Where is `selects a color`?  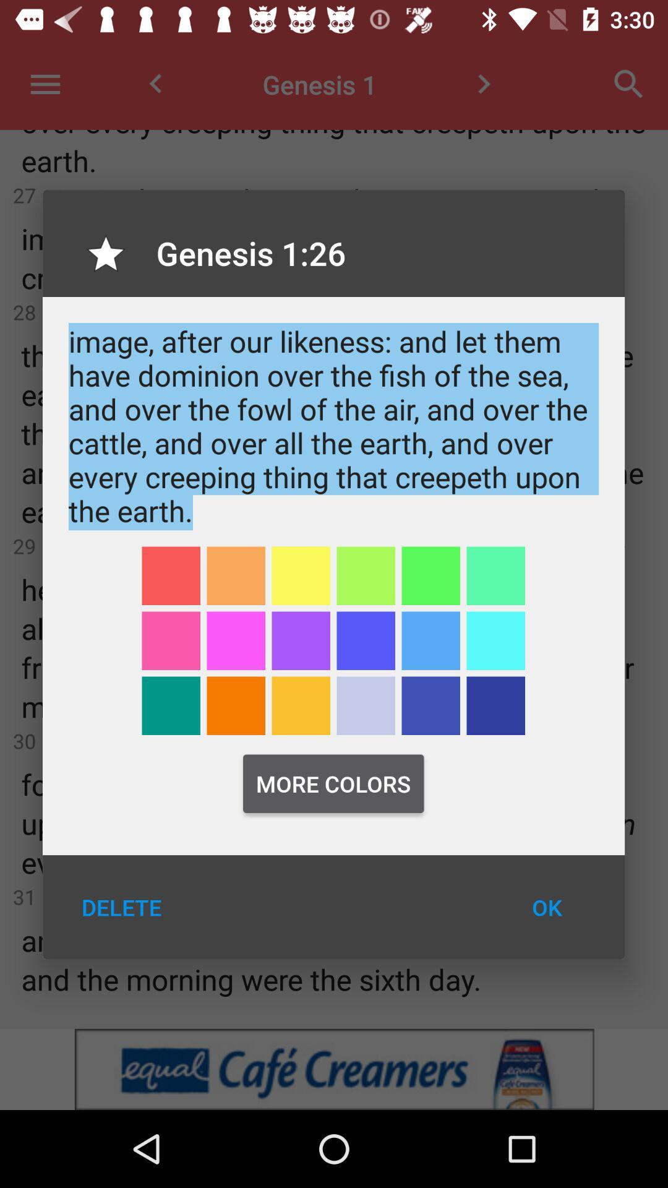
selects a color is located at coordinates (171, 705).